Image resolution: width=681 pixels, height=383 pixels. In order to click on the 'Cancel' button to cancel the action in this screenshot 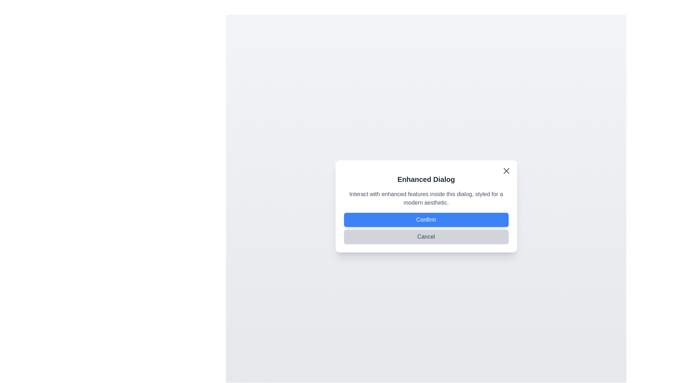, I will do `click(426, 237)`.